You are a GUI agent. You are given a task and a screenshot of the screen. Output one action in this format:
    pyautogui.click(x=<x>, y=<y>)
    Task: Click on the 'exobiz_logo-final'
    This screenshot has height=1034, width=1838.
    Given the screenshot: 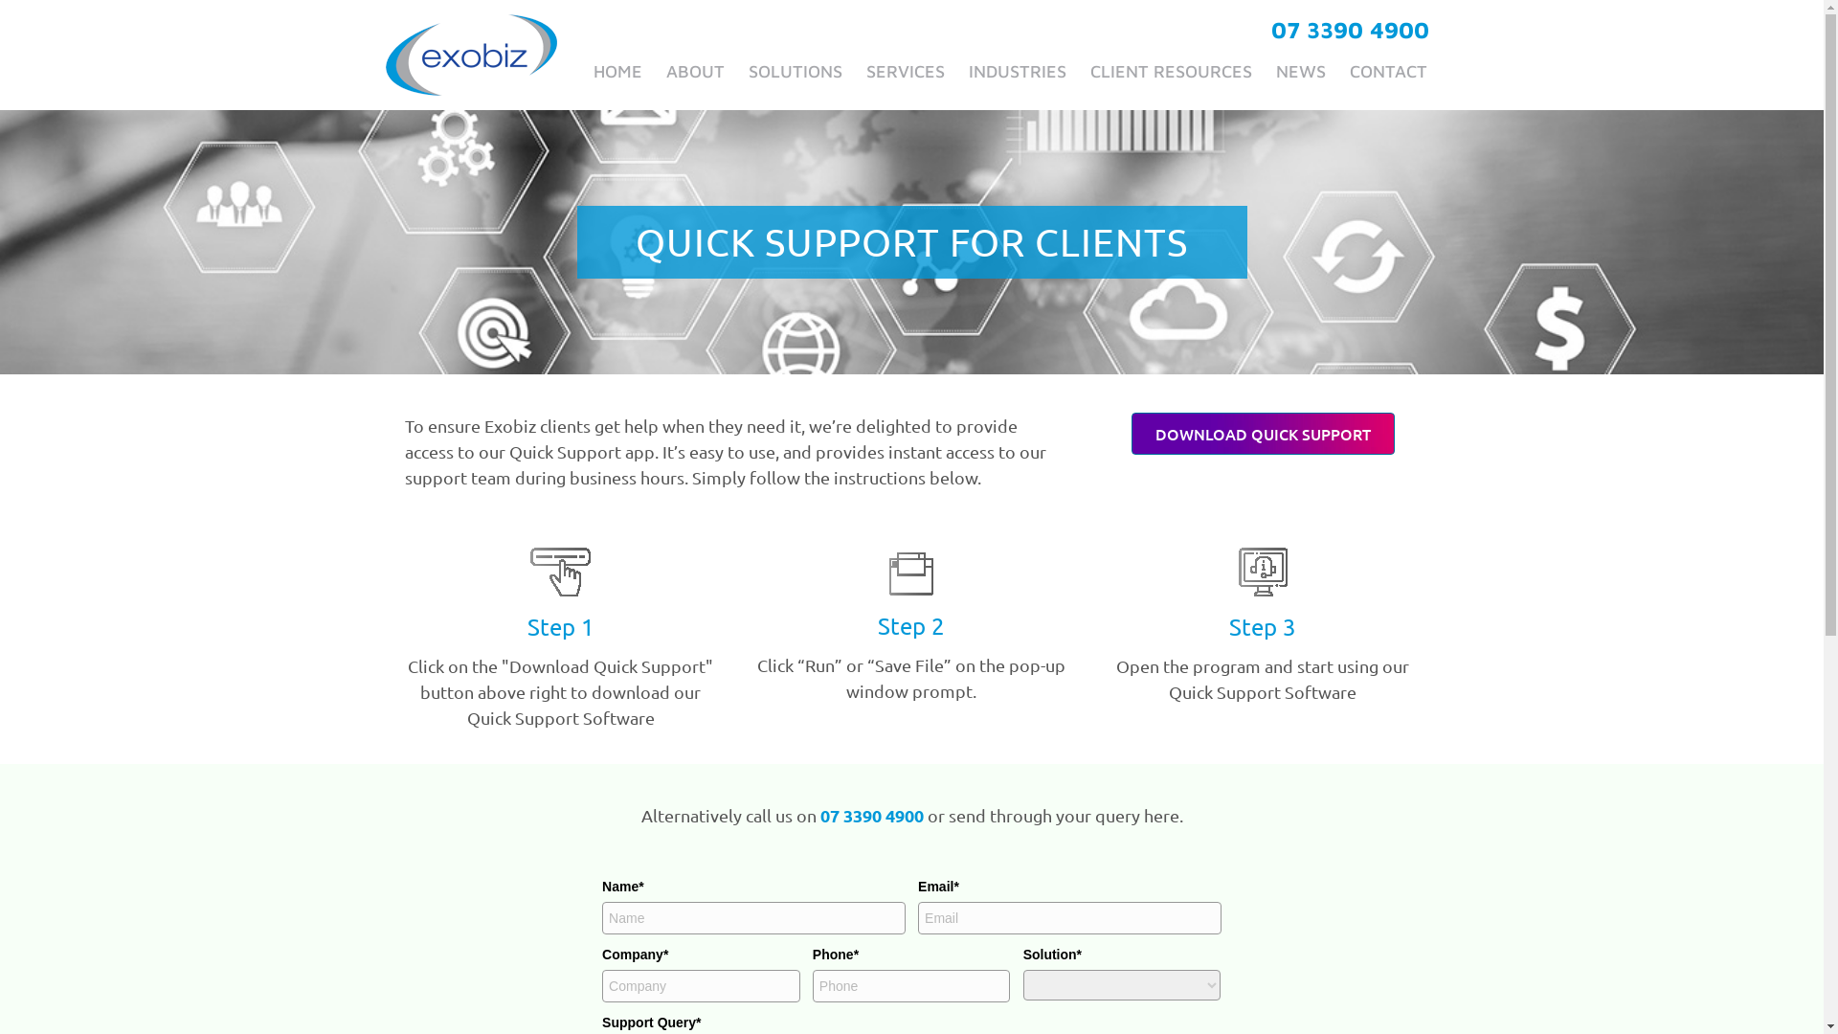 What is the action you would take?
    pyautogui.click(x=470, y=54)
    